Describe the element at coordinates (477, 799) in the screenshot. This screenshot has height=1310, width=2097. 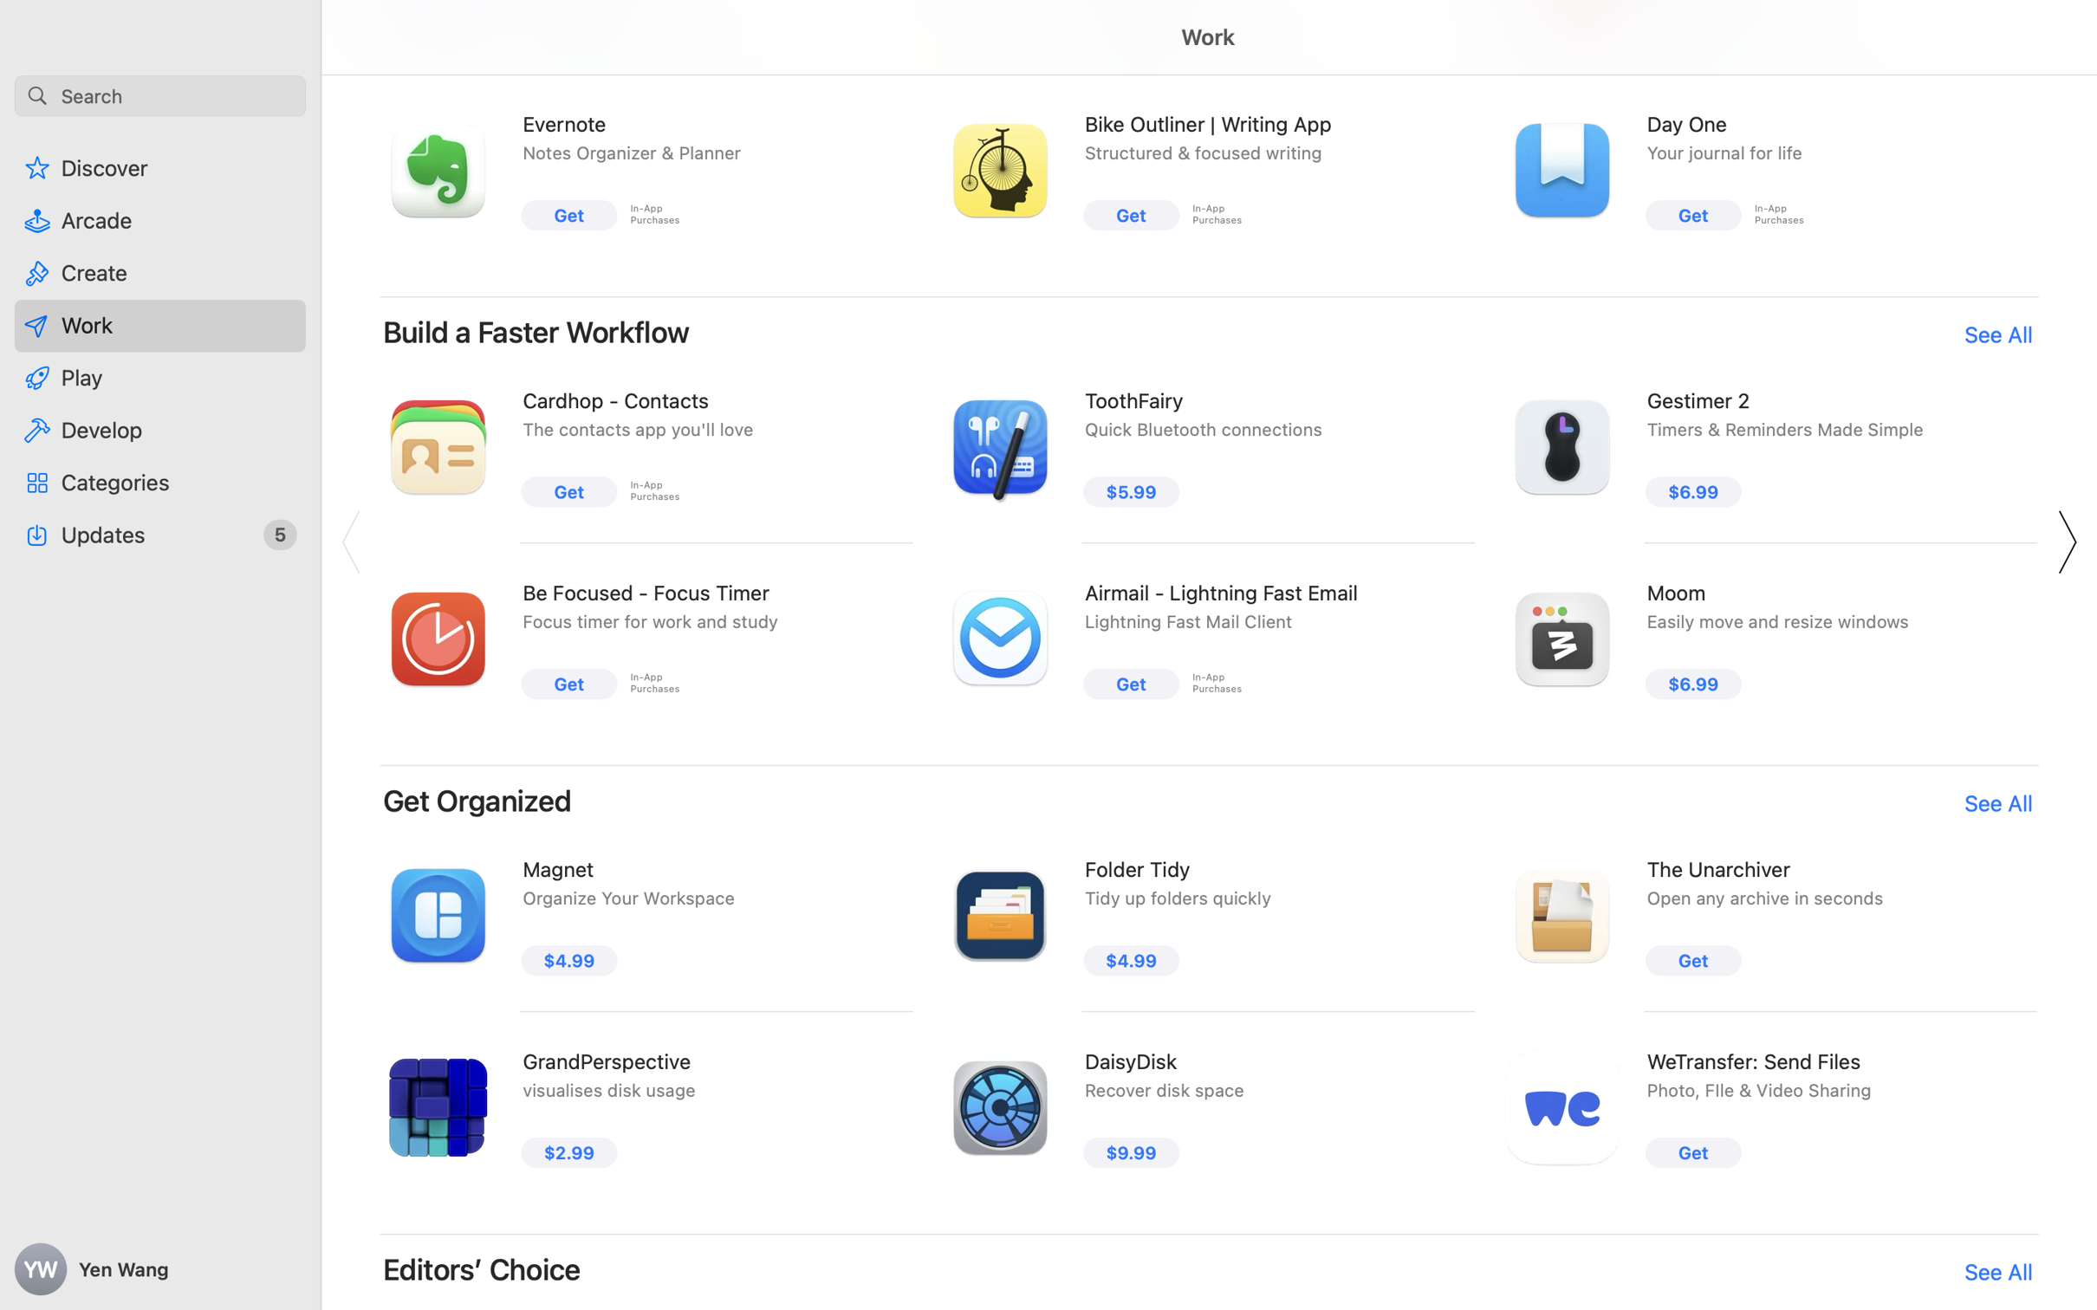
I see `'Get Organized'` at that location.